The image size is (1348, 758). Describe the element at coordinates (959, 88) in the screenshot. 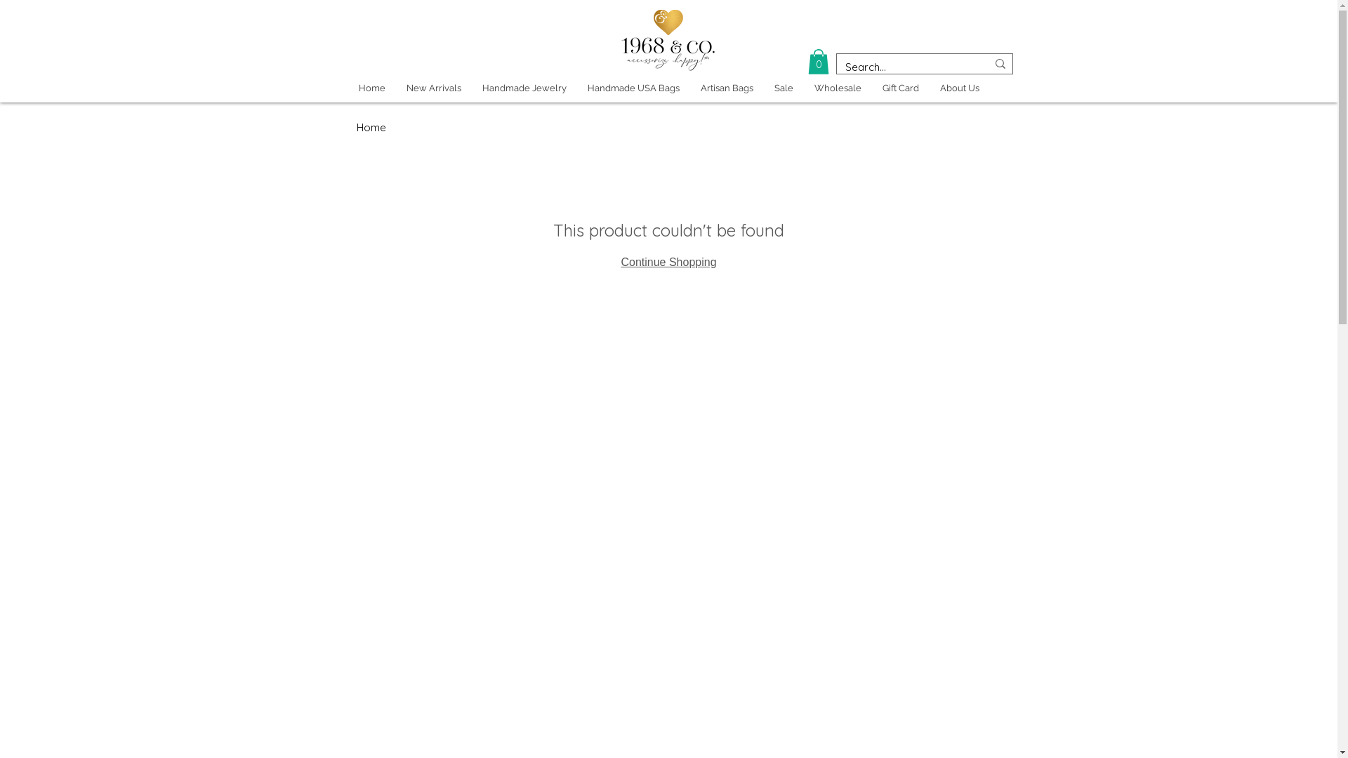

I see `'About Us'` at that location.